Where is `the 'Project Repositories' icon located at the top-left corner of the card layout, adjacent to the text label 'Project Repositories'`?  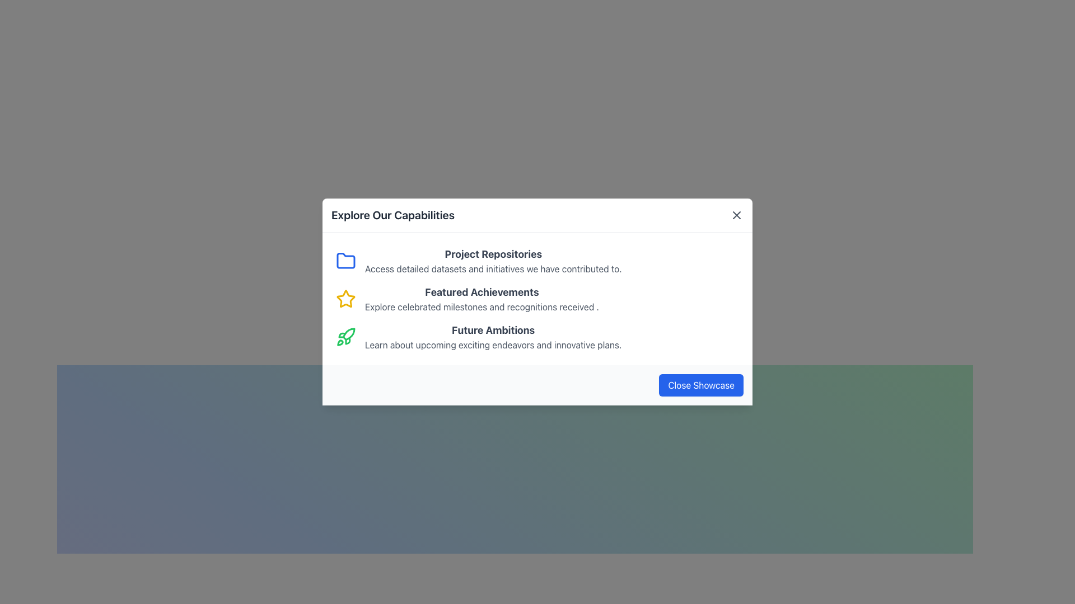 the 'Project Repositories' icon located at the top-left corner of the card layout, adjacent to the text label 'Project Repositories' is located at coordinates (345, 261).